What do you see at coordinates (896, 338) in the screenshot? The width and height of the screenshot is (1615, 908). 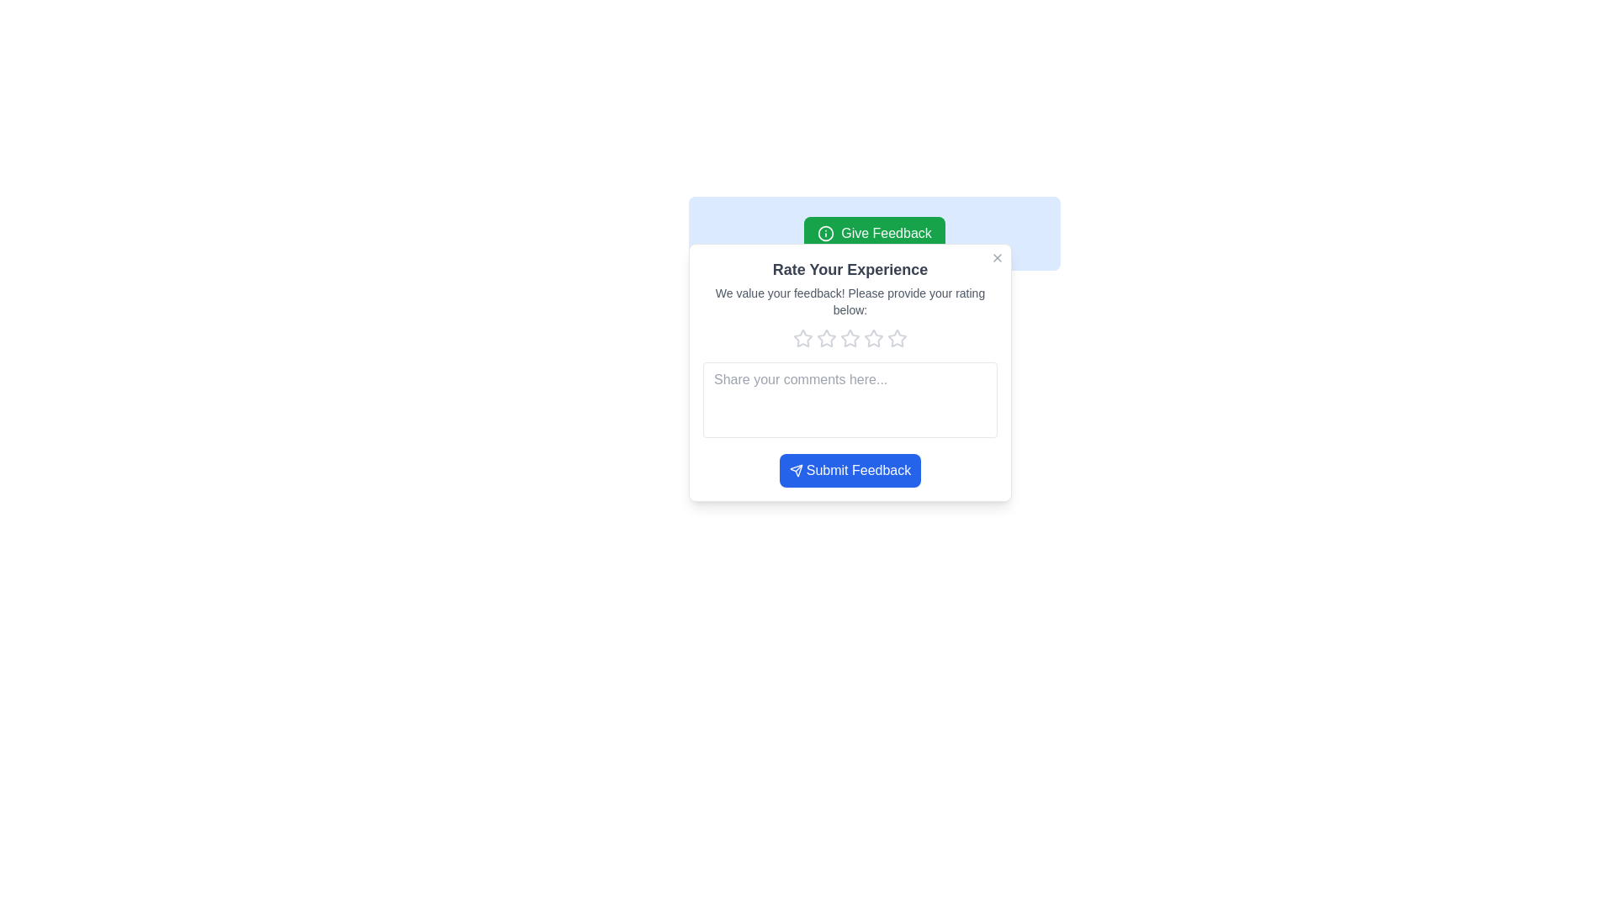 I see `the fifth star icon, which is light gray and part of a row of five stars in the 'Rate Your Experience' feedback modal` at bounding box center [896, 338].